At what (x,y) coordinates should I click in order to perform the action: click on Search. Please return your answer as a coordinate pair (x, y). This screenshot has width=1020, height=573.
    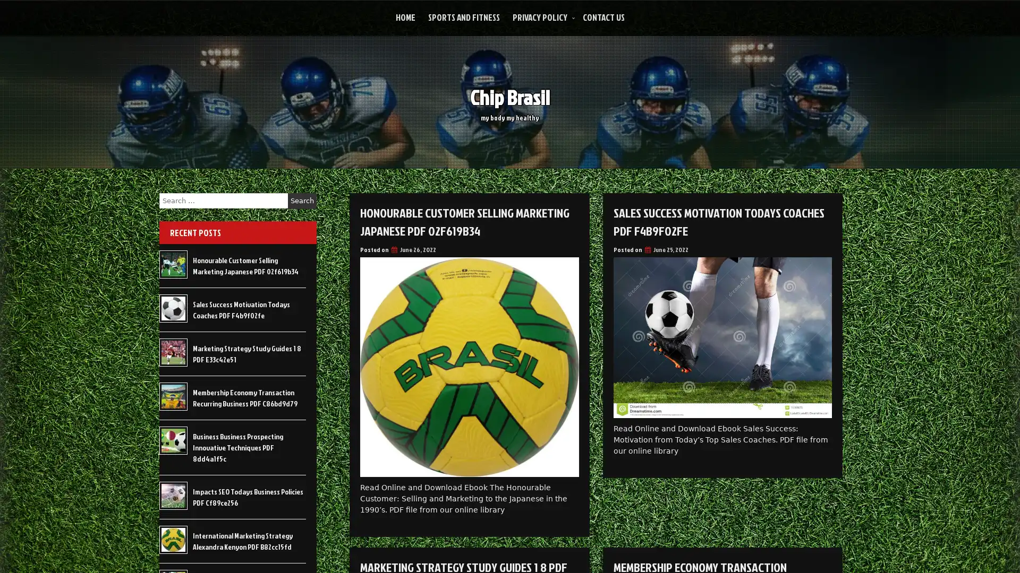
    Looking at the image, I should click on (302, 201).